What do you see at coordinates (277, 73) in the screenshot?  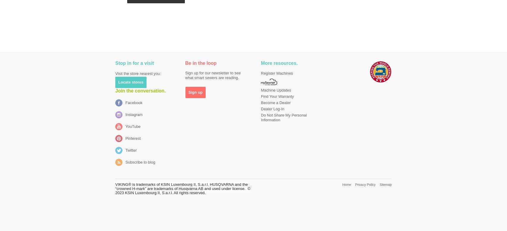 I see `'Register Machines'` at bounding box center [277, 73].